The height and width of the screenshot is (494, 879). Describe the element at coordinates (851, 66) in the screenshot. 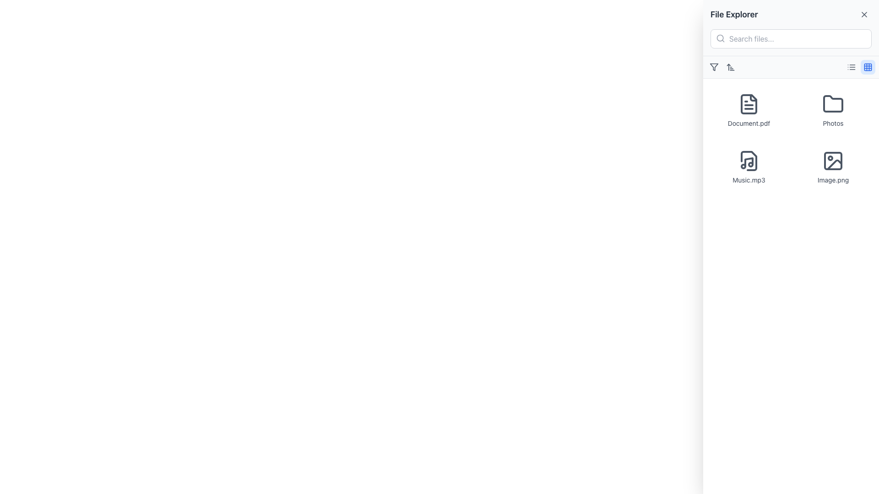

I see `the toggle button located at the right end of the horizontal navigation bar to switch the file view mode to list view` at that location.